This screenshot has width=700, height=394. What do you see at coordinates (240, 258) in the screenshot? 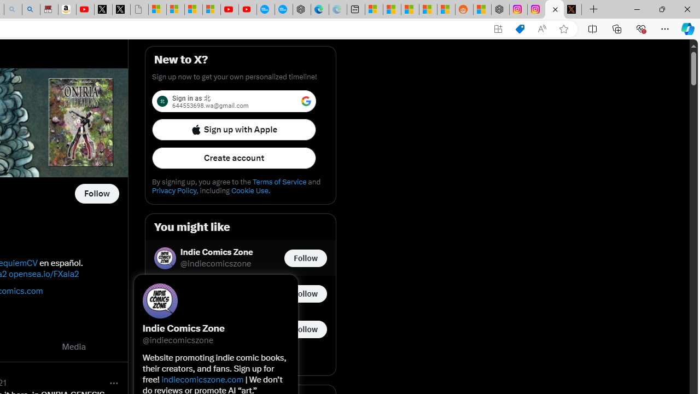
I see `'Indie Comics Zone @indiecomicszone Follow @indiecomicszone'` at bounding box center [240, 258].